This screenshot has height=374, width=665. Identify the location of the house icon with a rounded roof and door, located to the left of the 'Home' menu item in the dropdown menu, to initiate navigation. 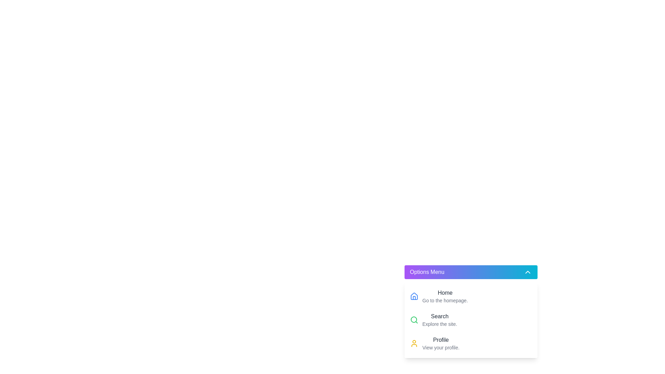
(414, 296).